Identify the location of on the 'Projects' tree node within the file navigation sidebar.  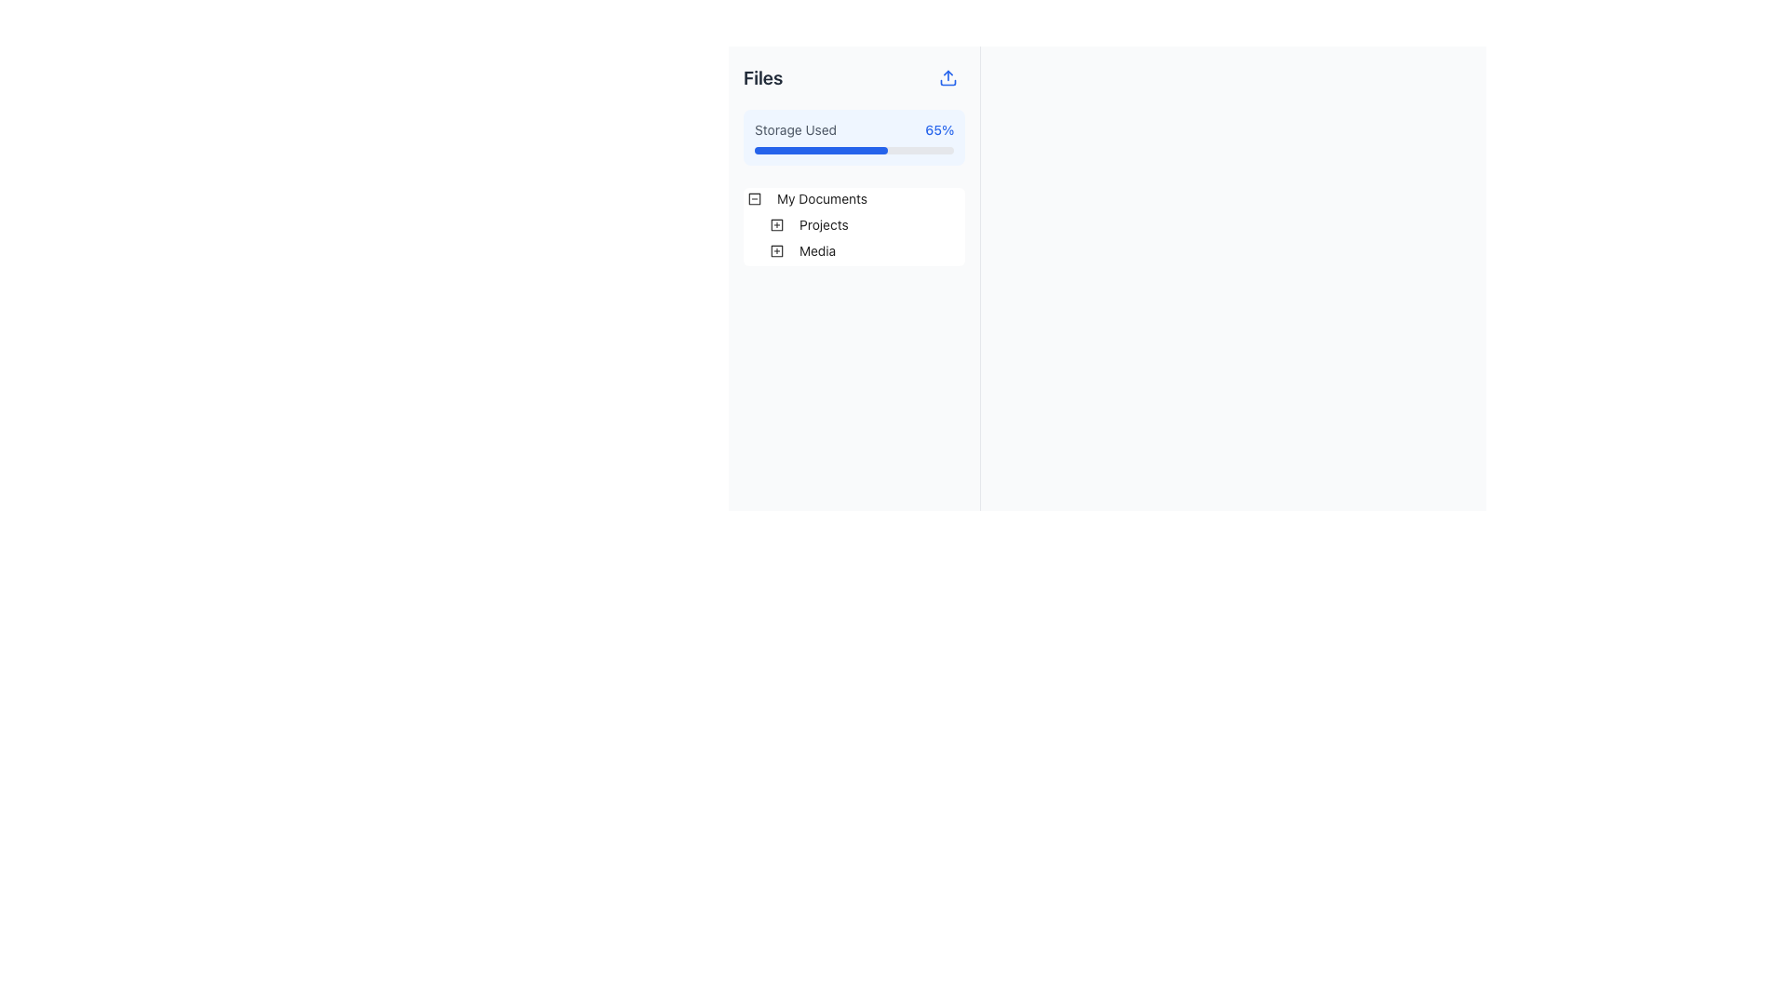
(823, 224).